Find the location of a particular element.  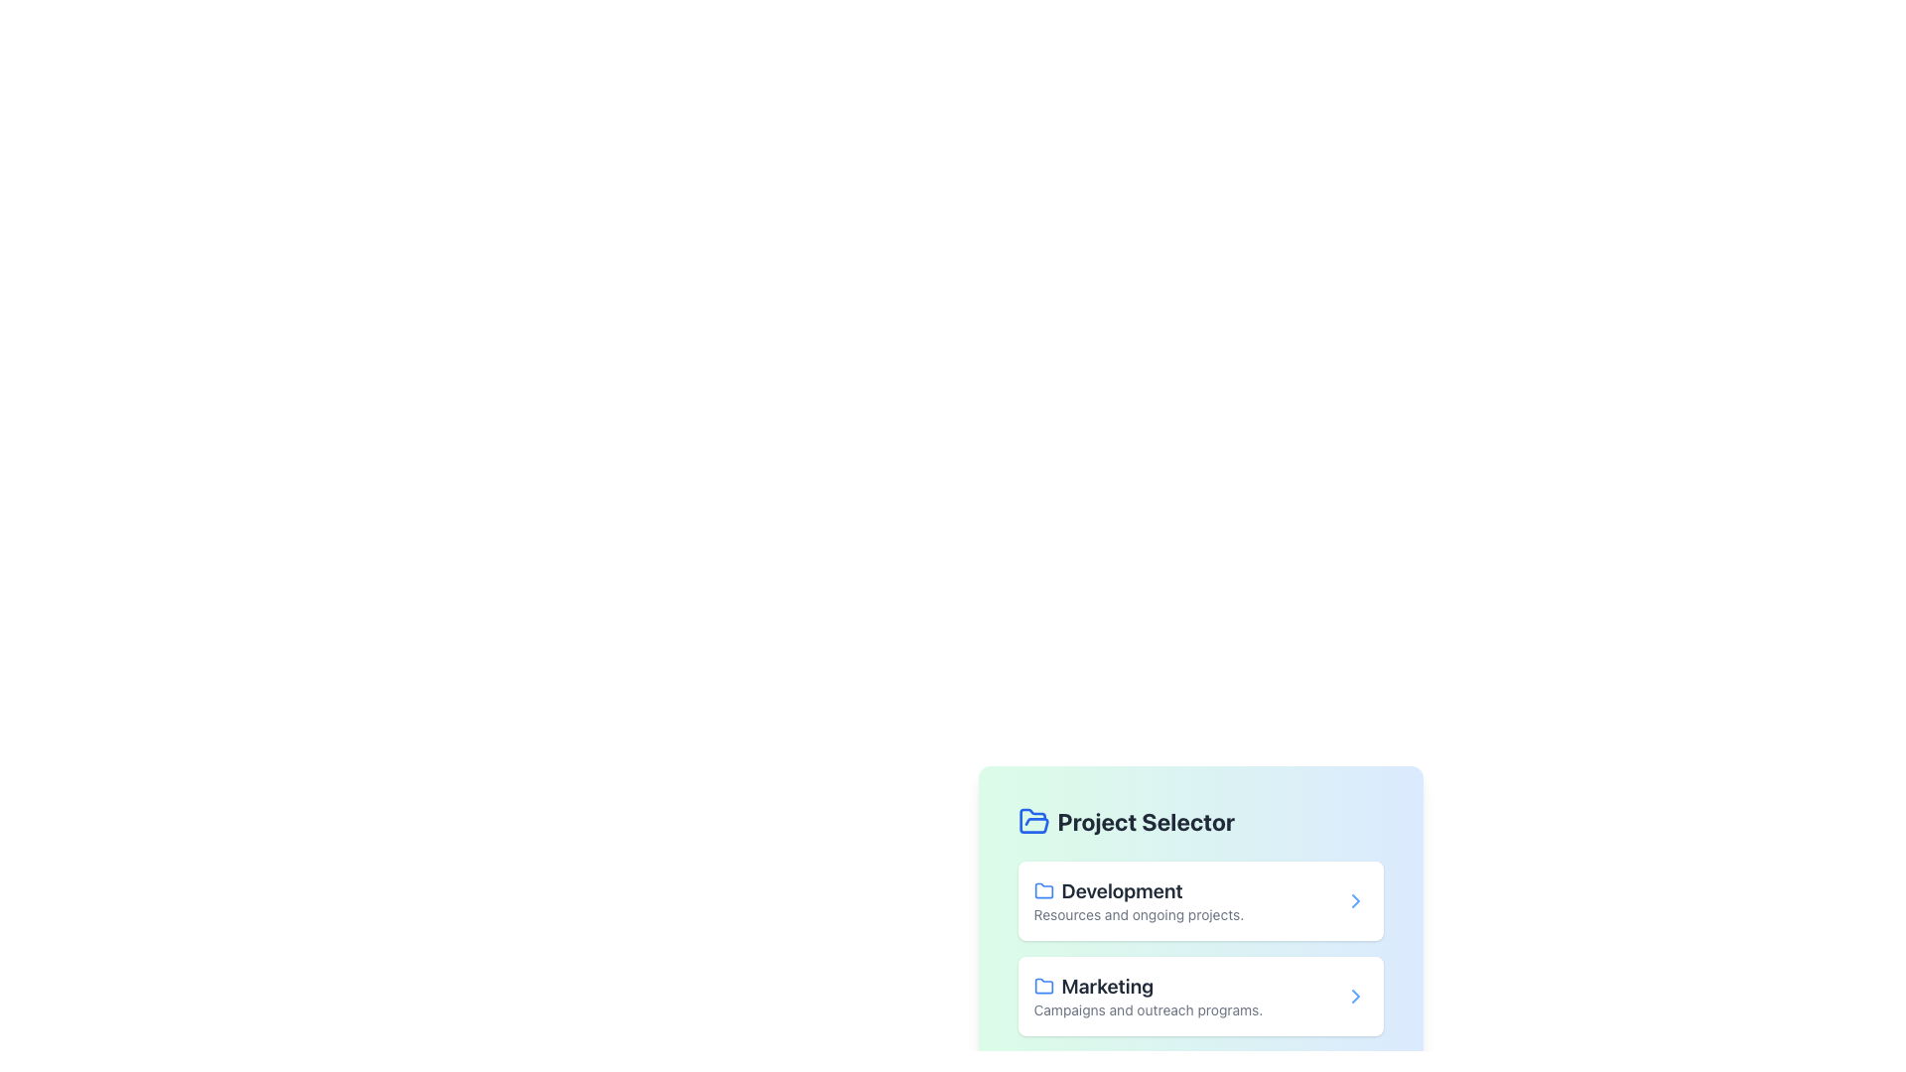

the stylized folder icon with a blue outline located to the left of the 'Project Selector' text at the top of the card interface is located at coordinates (1042, 889).